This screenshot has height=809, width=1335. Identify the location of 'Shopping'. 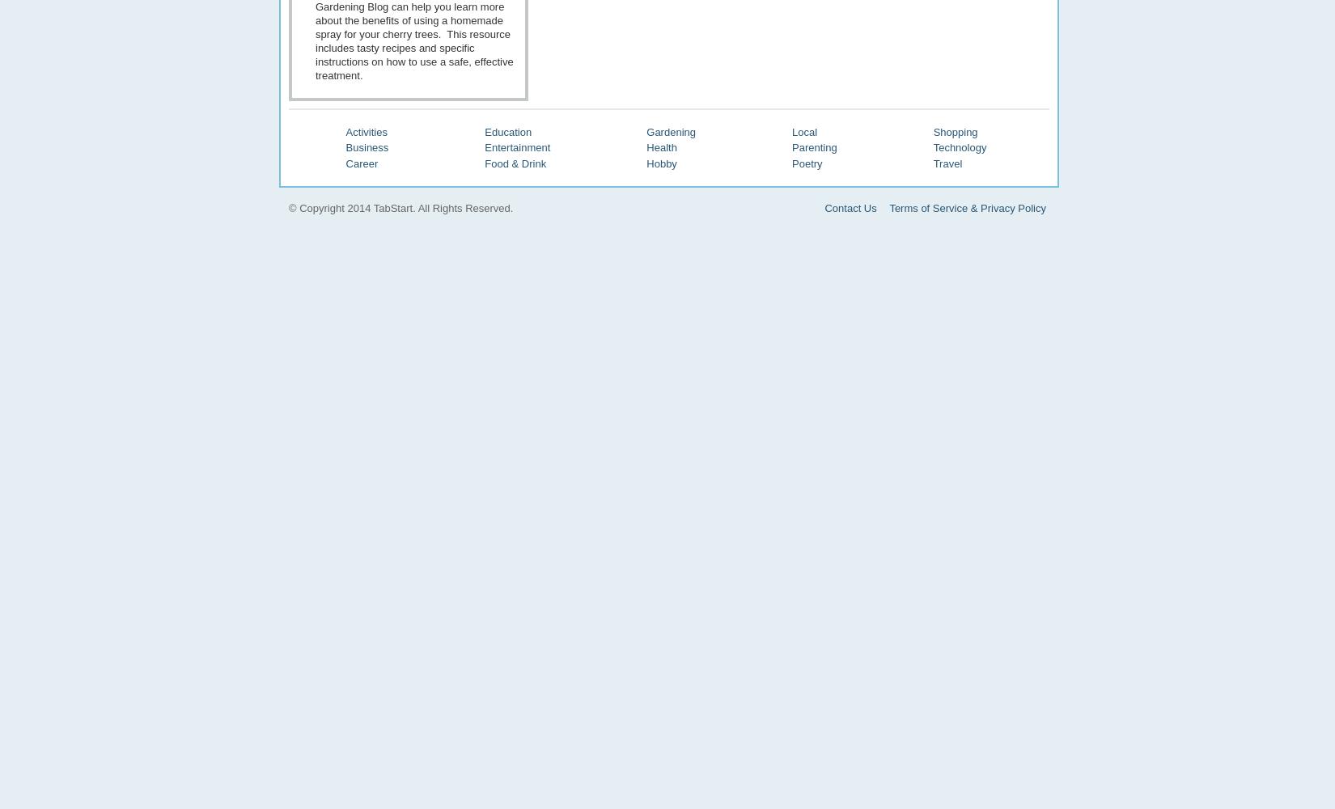
(955, 131).